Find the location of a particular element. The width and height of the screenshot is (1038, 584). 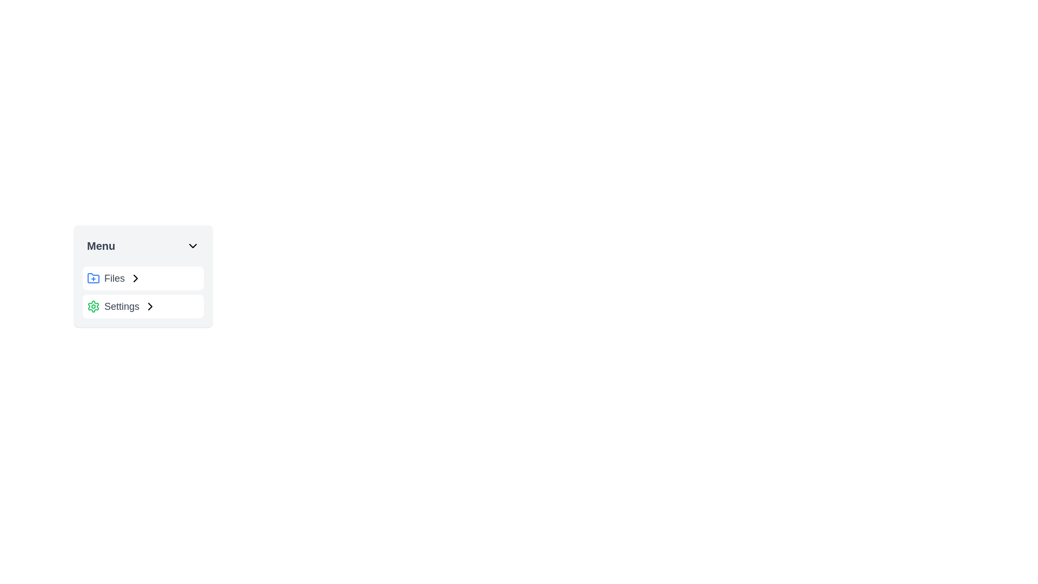

the 'Settings' menu item, which features a green settings icon and a chevron indicator is located at coordinates (142, 307).